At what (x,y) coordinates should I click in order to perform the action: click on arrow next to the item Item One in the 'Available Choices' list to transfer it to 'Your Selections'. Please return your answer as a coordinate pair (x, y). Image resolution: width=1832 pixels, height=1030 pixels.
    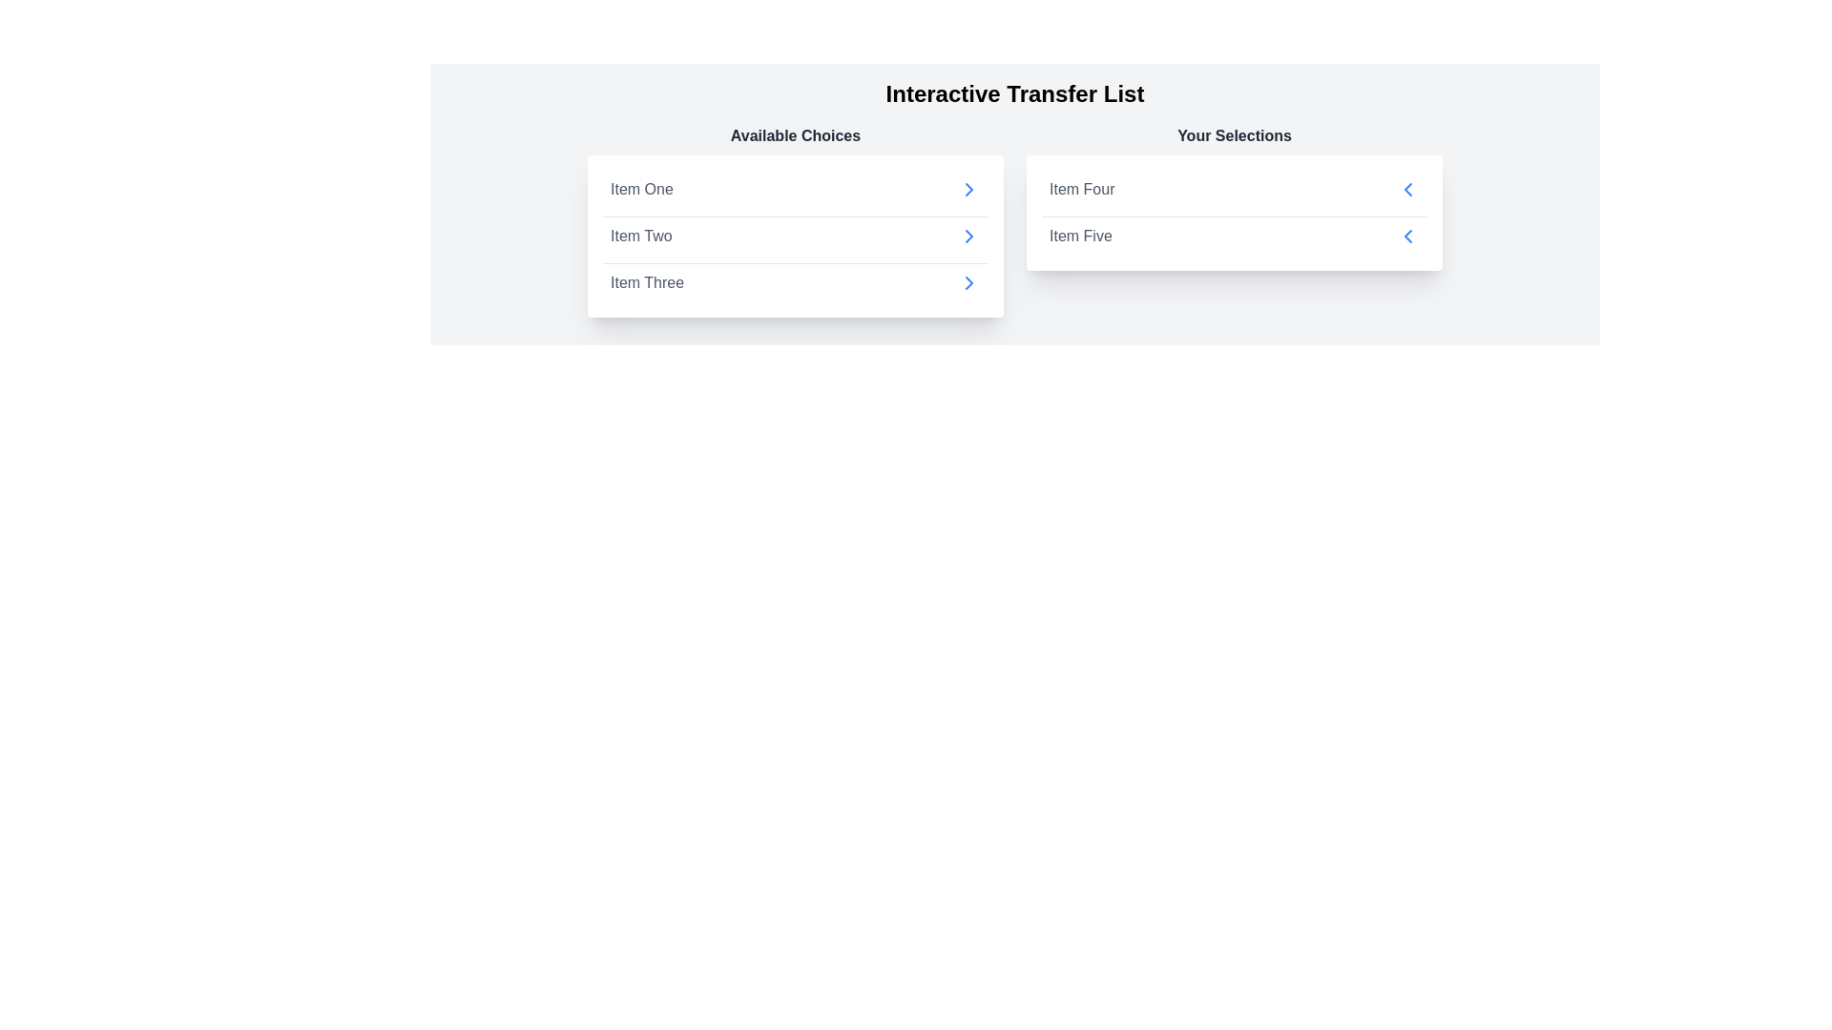
    Looking at the image, I should click on (969, 190).